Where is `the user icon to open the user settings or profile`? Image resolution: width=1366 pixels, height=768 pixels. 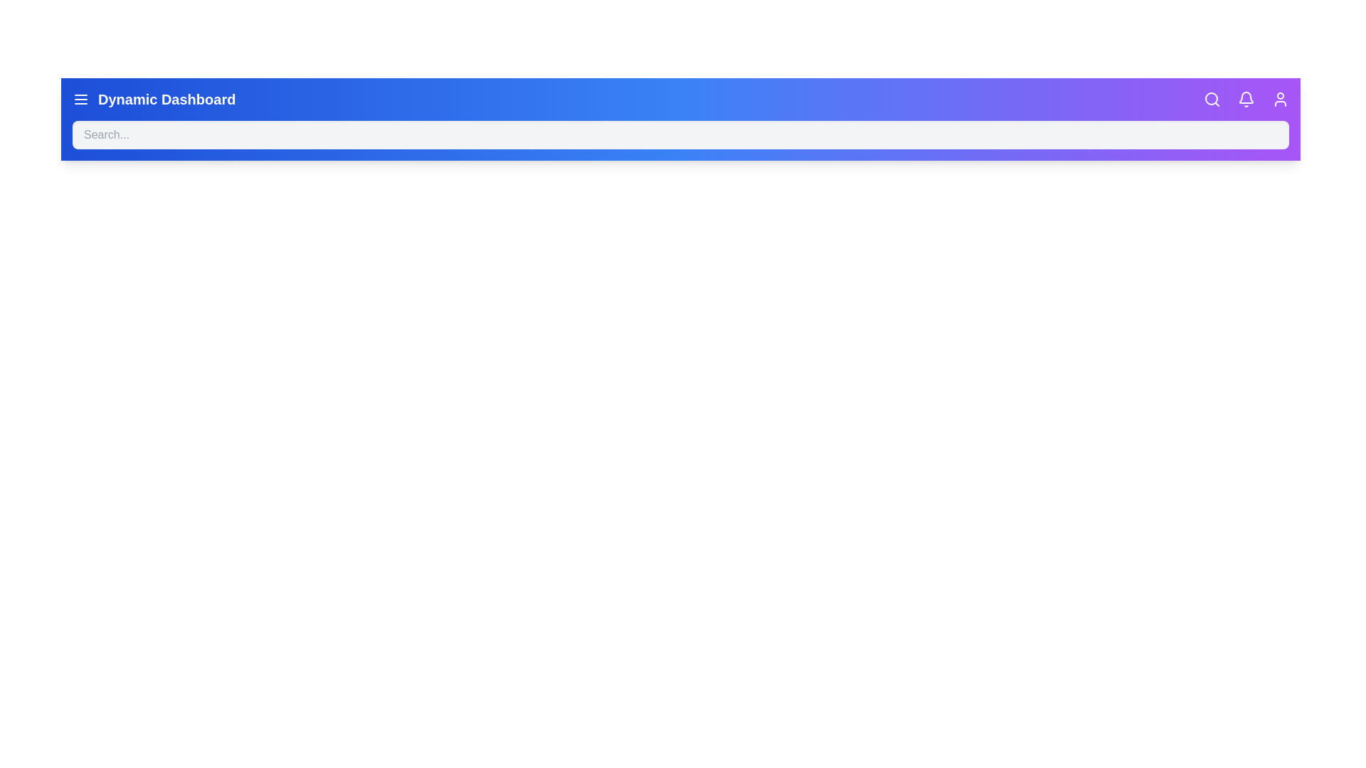
the user icon to open the user settings or profile is located at coordinates (1281, 98).